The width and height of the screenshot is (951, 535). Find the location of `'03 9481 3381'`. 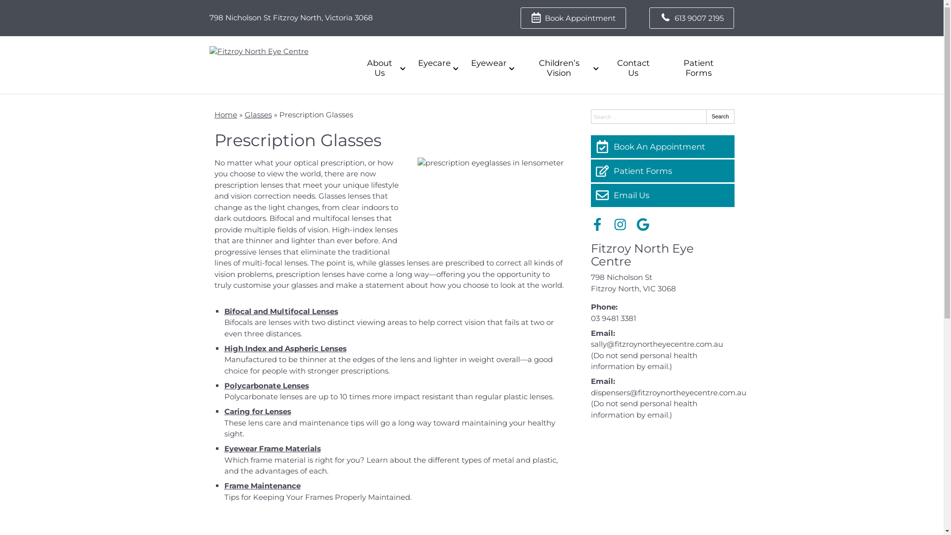

'03 9481 3381' is located at coordinates (612, 318).